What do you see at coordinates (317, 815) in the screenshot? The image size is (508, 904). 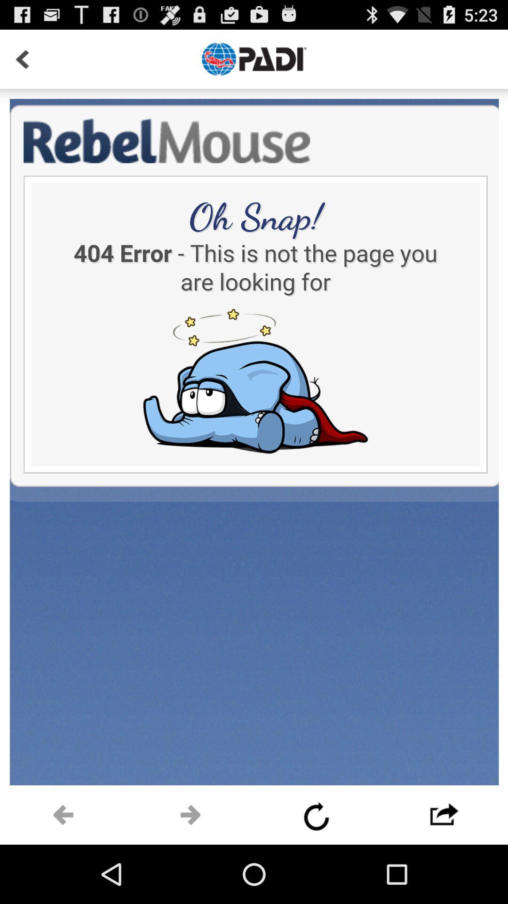 I see `previous` at bounding box center [317, 815].